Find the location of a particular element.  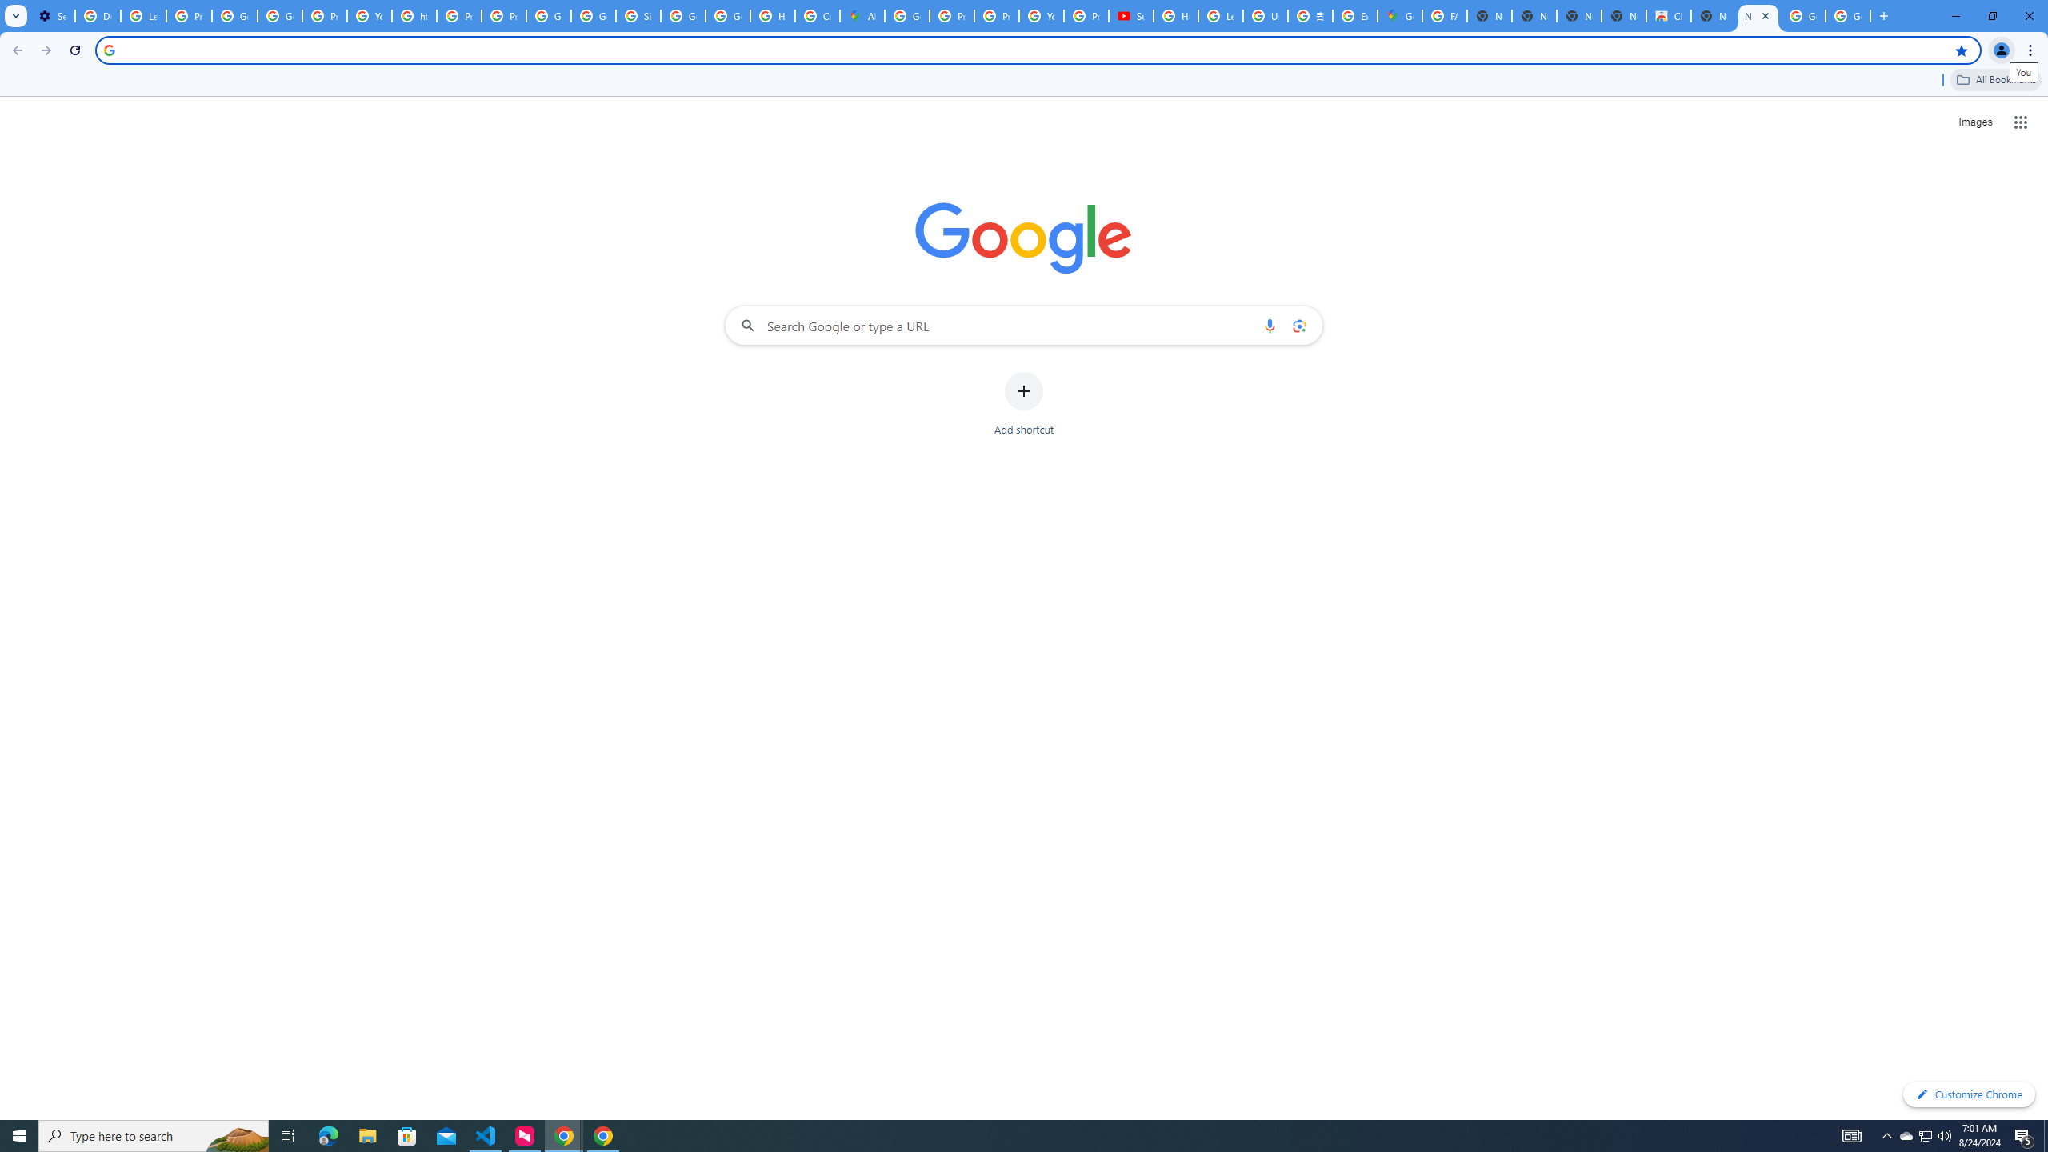

'Privacy Help Center - Policies Help' is located at coordinates (995, 15).